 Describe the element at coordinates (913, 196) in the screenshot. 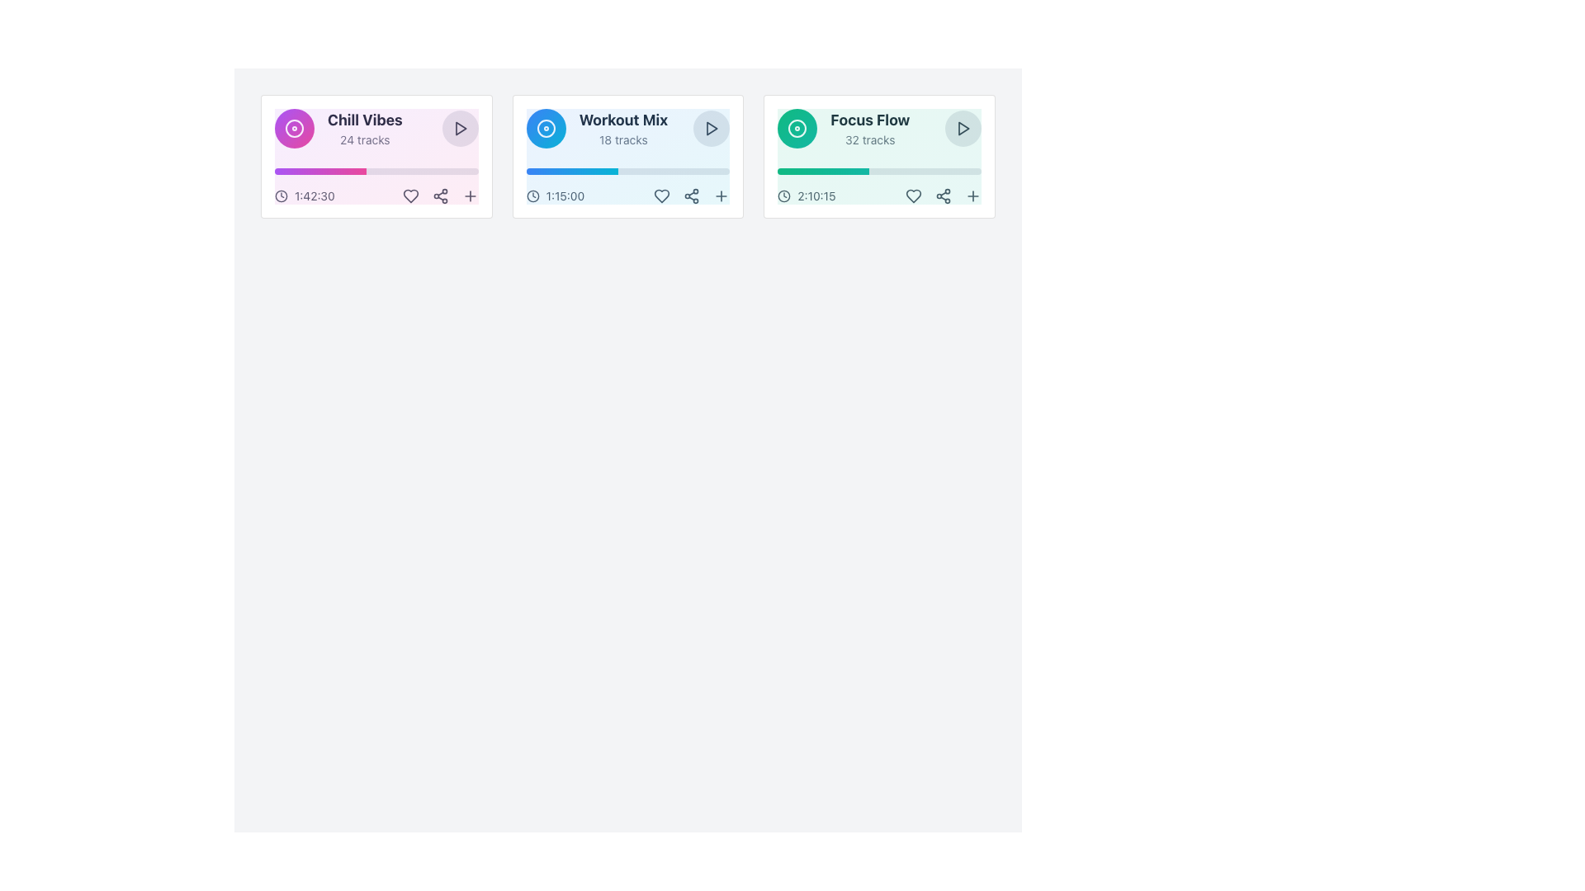

I see `the heart-shaped icon representing a 'like' or 'favorite' action` at that location.